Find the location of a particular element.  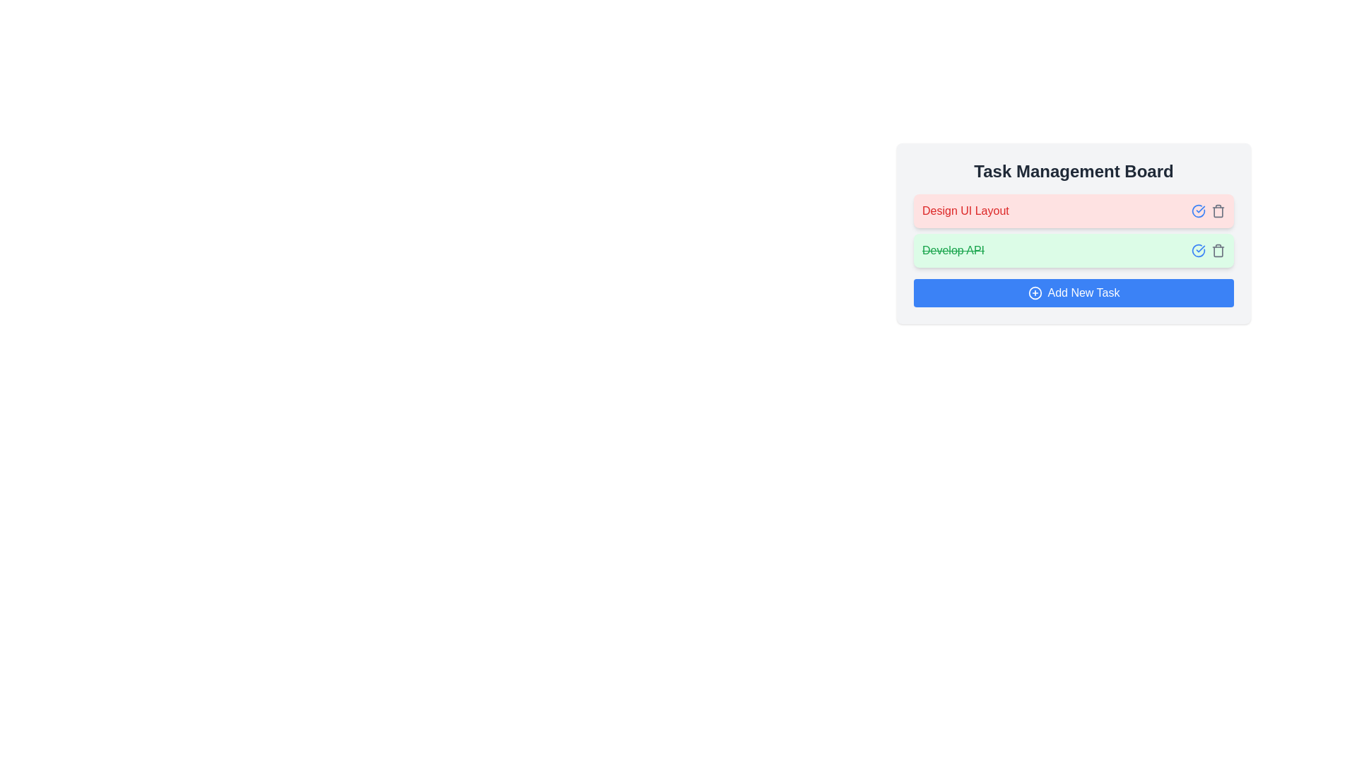

the trash can icon button, which is styled in gray and changes to red on hover, located to the right of the 'Design UI Layout' row in the 'Task Management Board' is located at coordinates (1217, 211).